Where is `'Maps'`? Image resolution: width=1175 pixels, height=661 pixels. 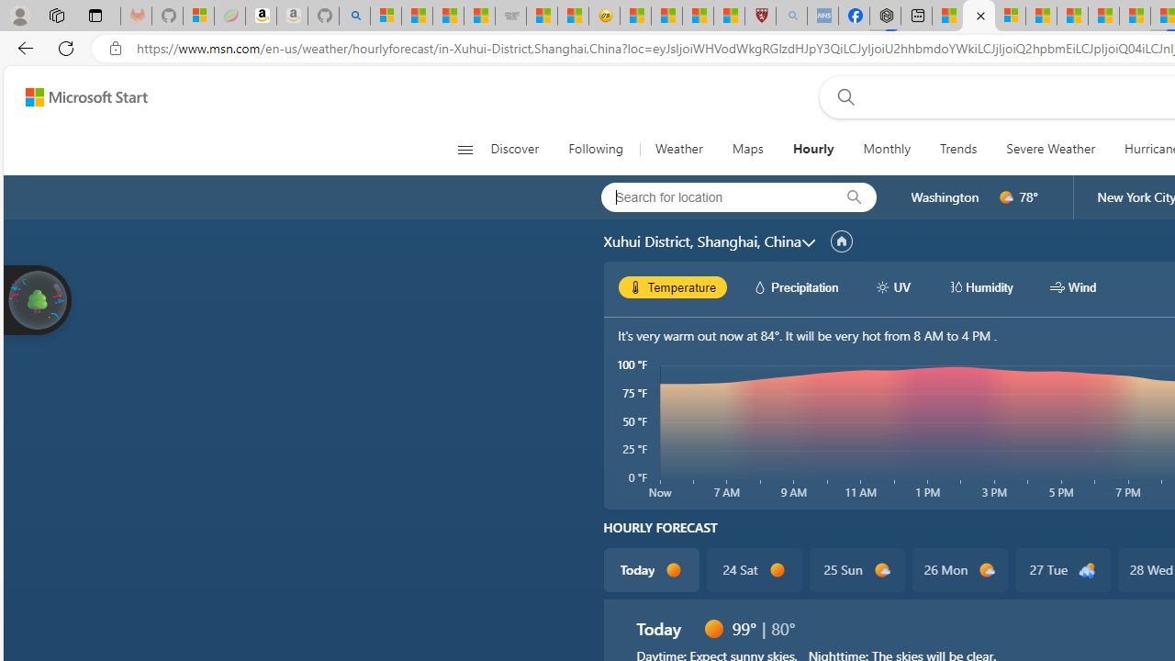 'Maps' is located at coordinates (747, 149).